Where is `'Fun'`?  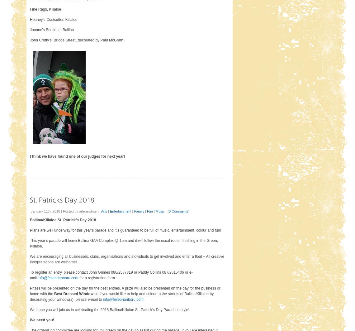 'Fun' is located at coordinates (149, 211).